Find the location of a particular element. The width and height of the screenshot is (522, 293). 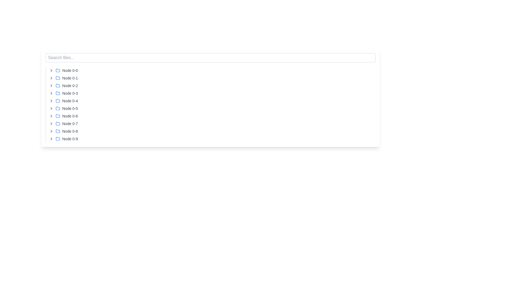

the folder icon located in the seventh entry labeled 'Node 0-7' is located at coordinates (58, 123).